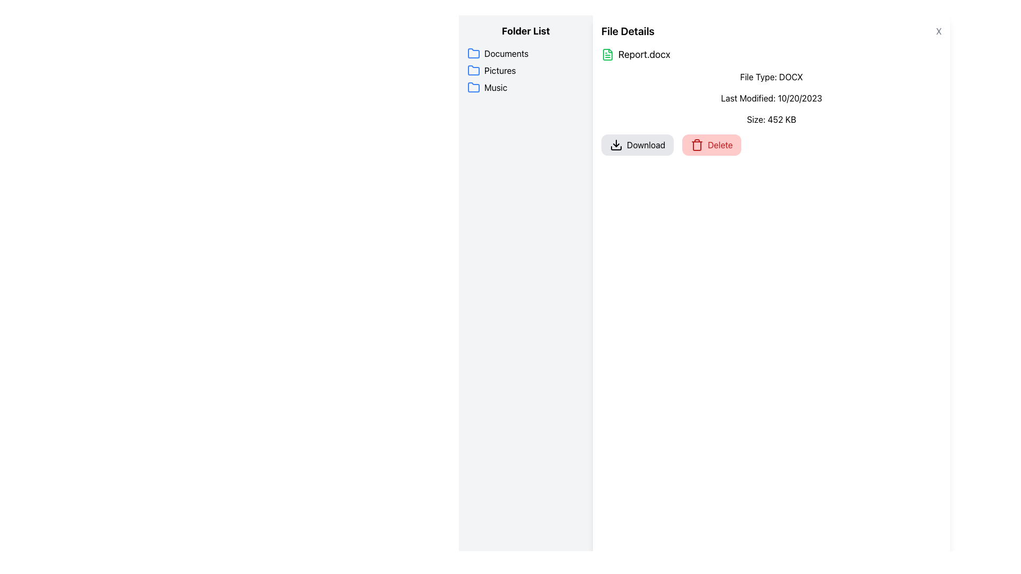 The image size is (1021, 574). What do you see at coordinates (473, 87) in the screenshot?
I see `the 'Music' folder SVG icon in the folder list` at bounding box center [473, 87].